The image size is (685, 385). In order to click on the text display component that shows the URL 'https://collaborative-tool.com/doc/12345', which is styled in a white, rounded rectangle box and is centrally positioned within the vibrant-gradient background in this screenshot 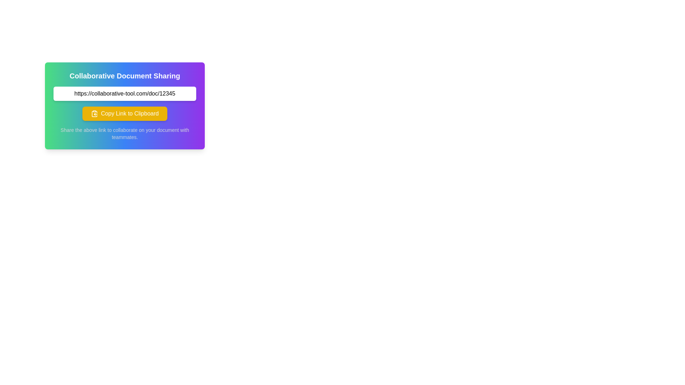, I will do `click(125, 93)`.